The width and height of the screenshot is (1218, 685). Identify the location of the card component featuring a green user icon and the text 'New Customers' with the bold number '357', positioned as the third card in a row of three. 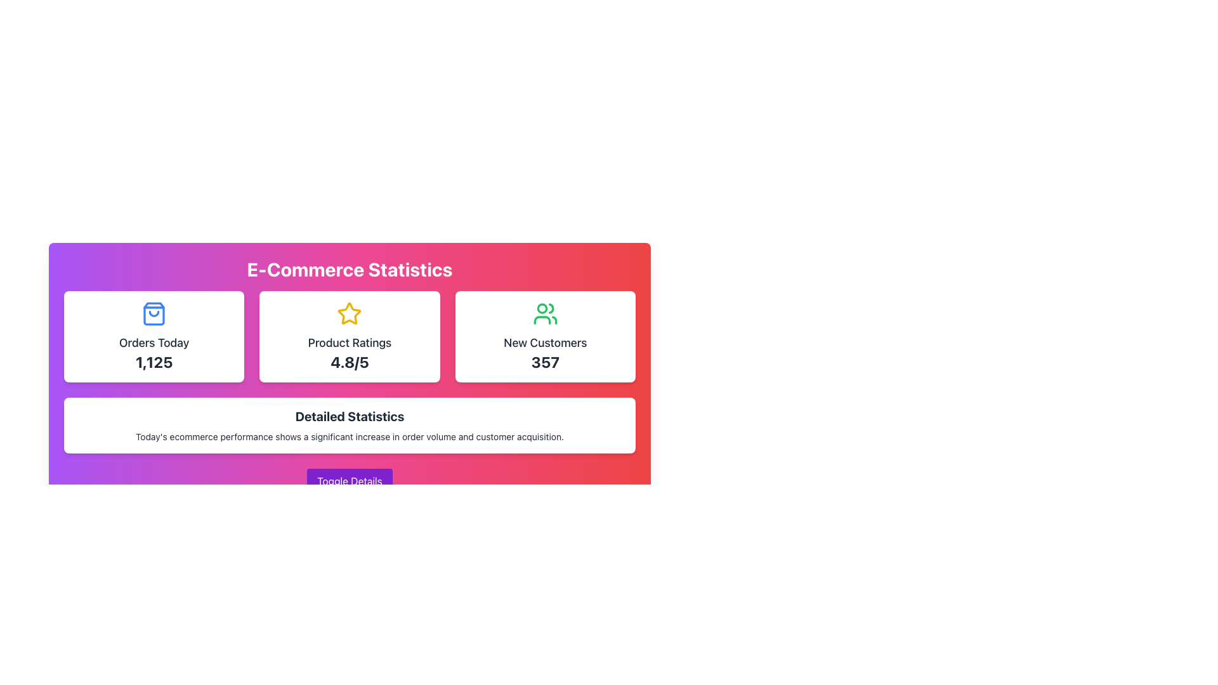
(545, 336).